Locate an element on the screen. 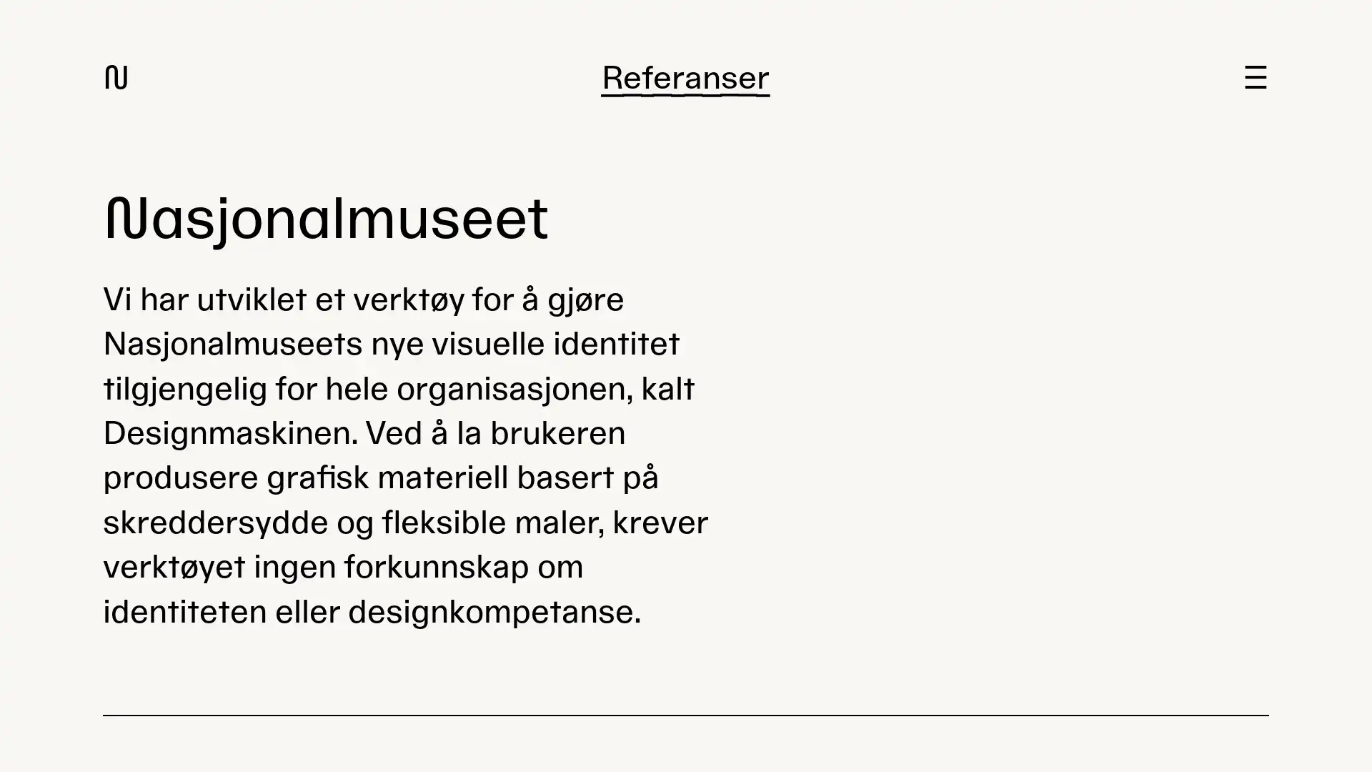 The image size is (1372, 772). Meny is located at coordinates (1254, 77).